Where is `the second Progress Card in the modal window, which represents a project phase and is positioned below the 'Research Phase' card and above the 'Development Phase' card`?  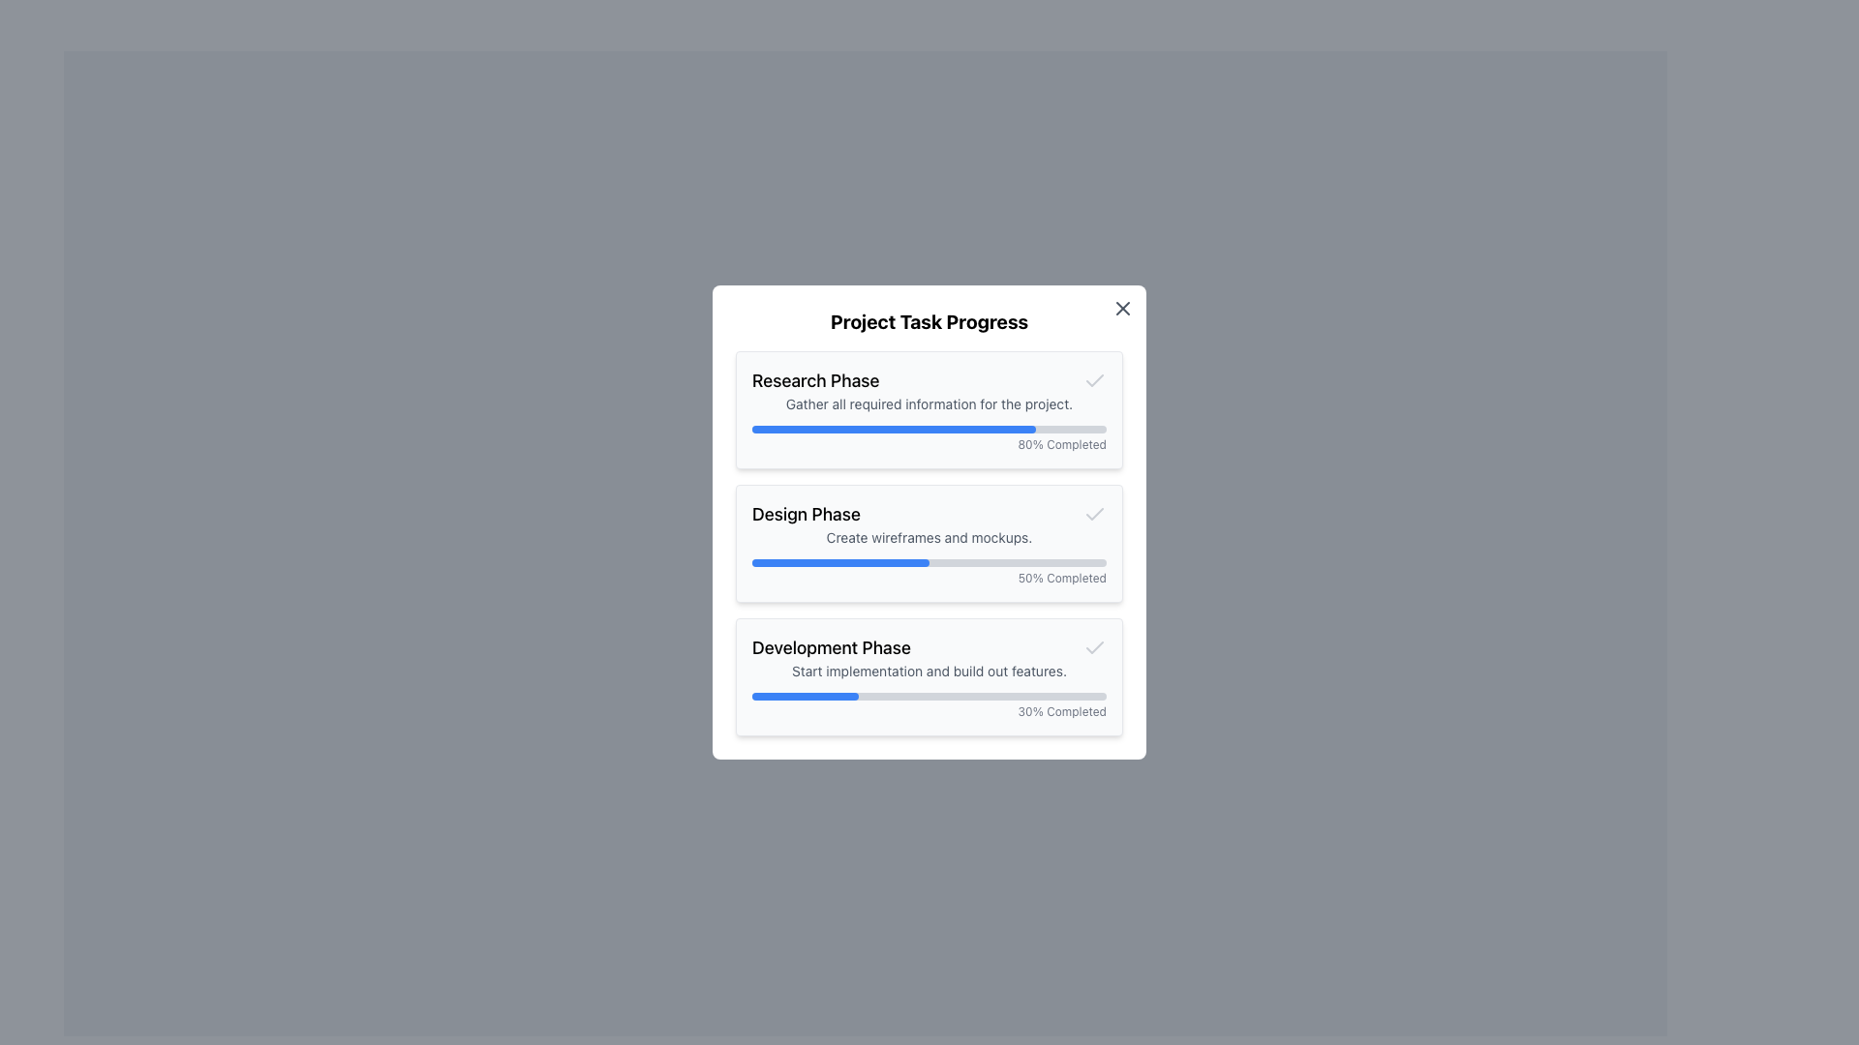
the second Progress Card in the modal window, which represents a project phase and is positioned below the 'Research Phase' card and above the 'Development Phase' card is located at coordinates (929, 544).